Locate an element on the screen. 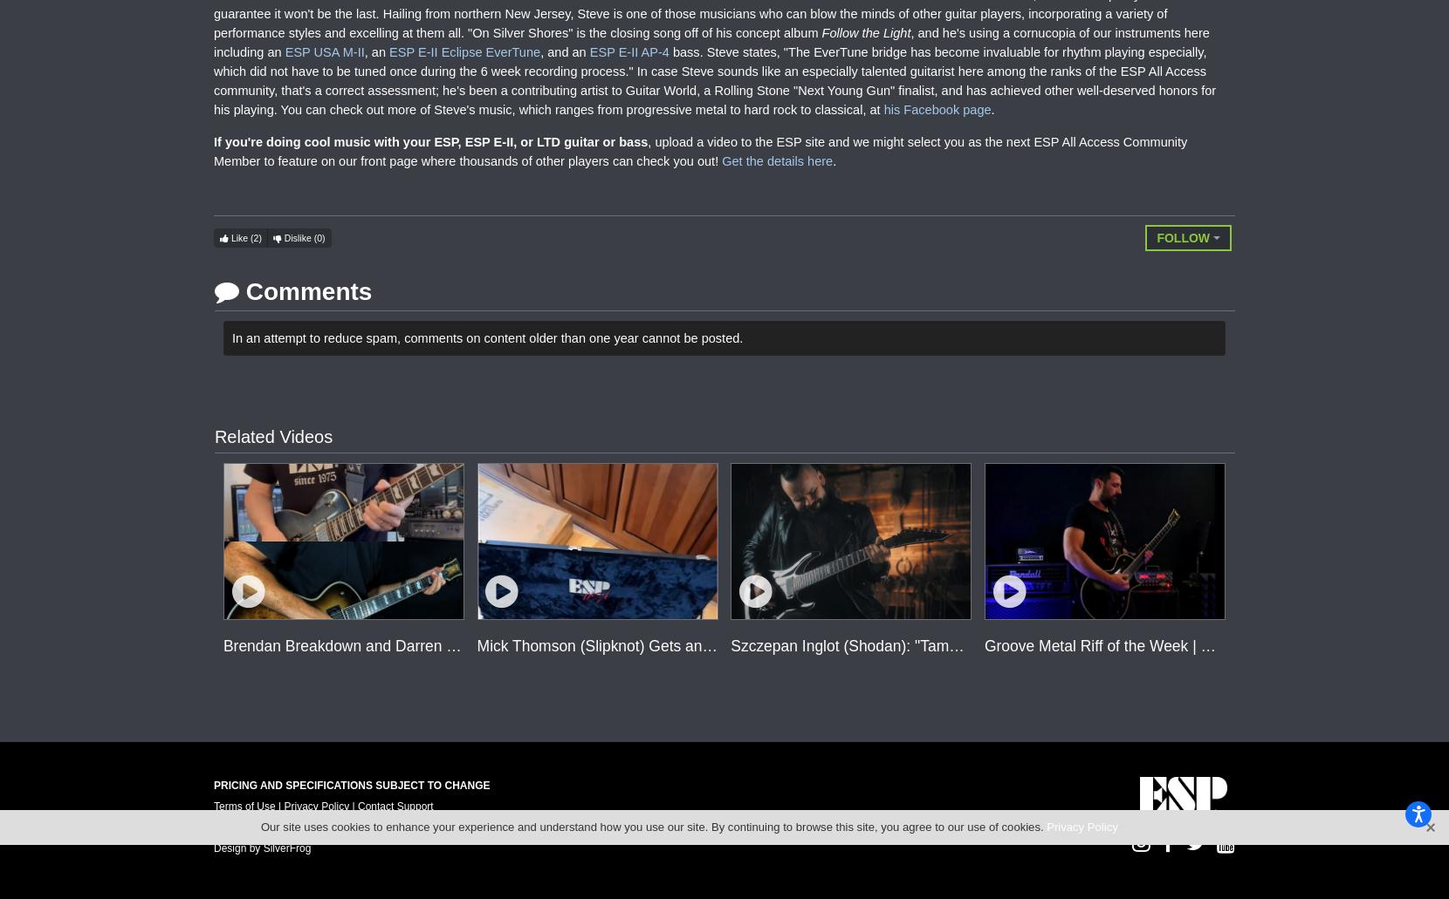 This screenshot has width=1449, height=899. '(2)' is located at coordinates (250, 238).